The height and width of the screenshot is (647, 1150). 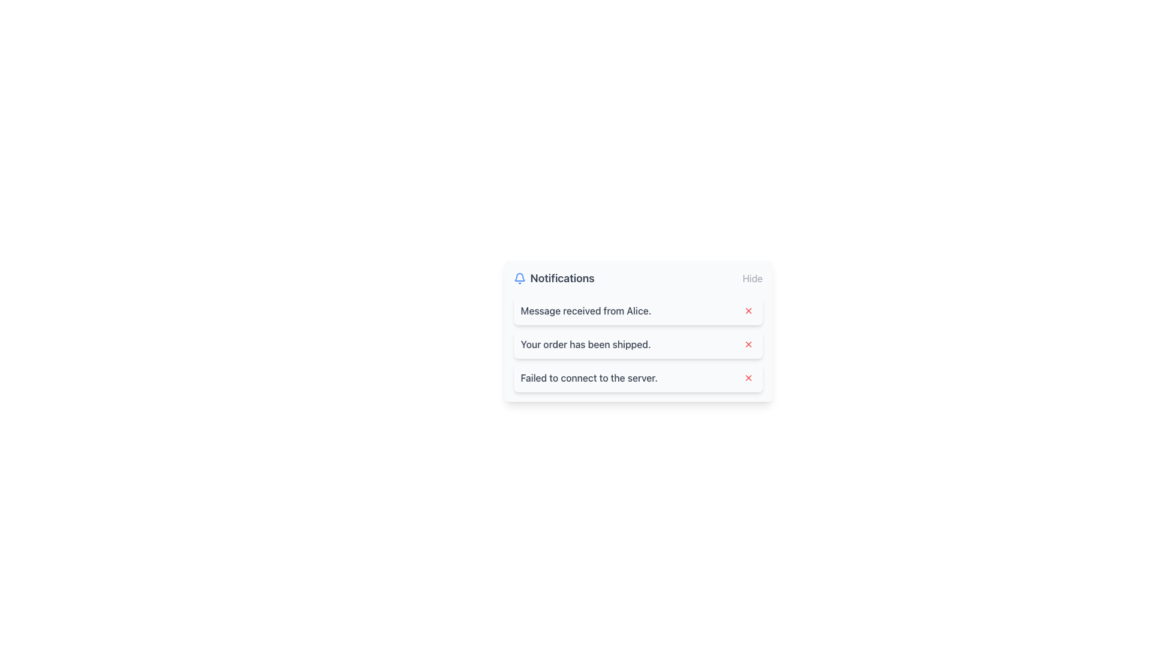 What do you see at coordinates (519, 279) in the screenshot?
I see `the bell icon, which is positioned to the left of the 'Notifications' heading in the notification panel` at bounding box center [519, 279].